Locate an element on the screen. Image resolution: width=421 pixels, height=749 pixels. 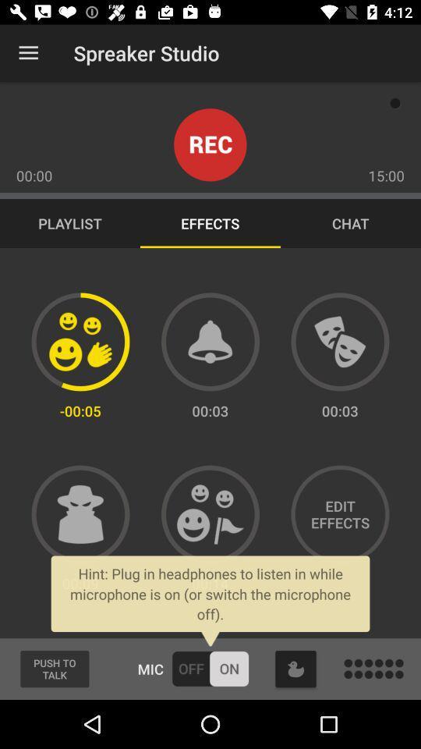
timer is located at coordinates (210, 342).